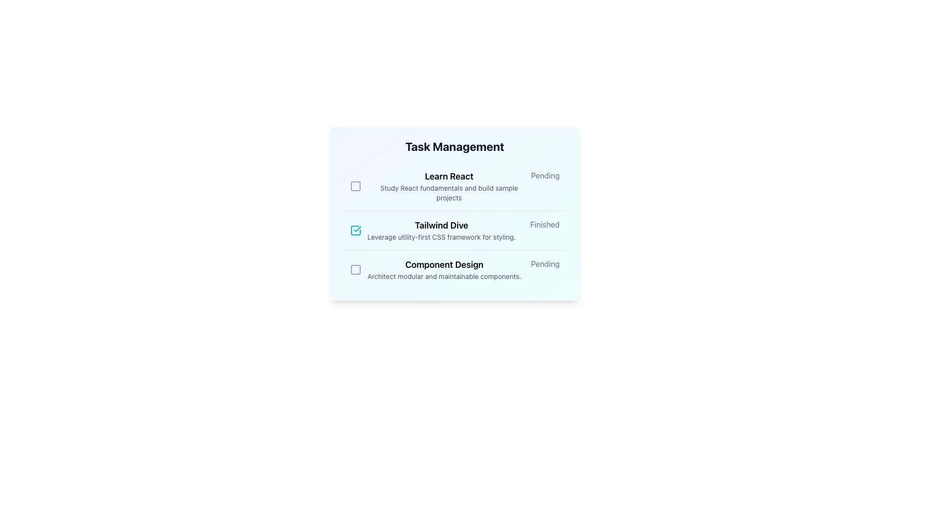  I want to click on the checkbox for the 'Learn React' task to observe any hover effects, so click(355, 186).